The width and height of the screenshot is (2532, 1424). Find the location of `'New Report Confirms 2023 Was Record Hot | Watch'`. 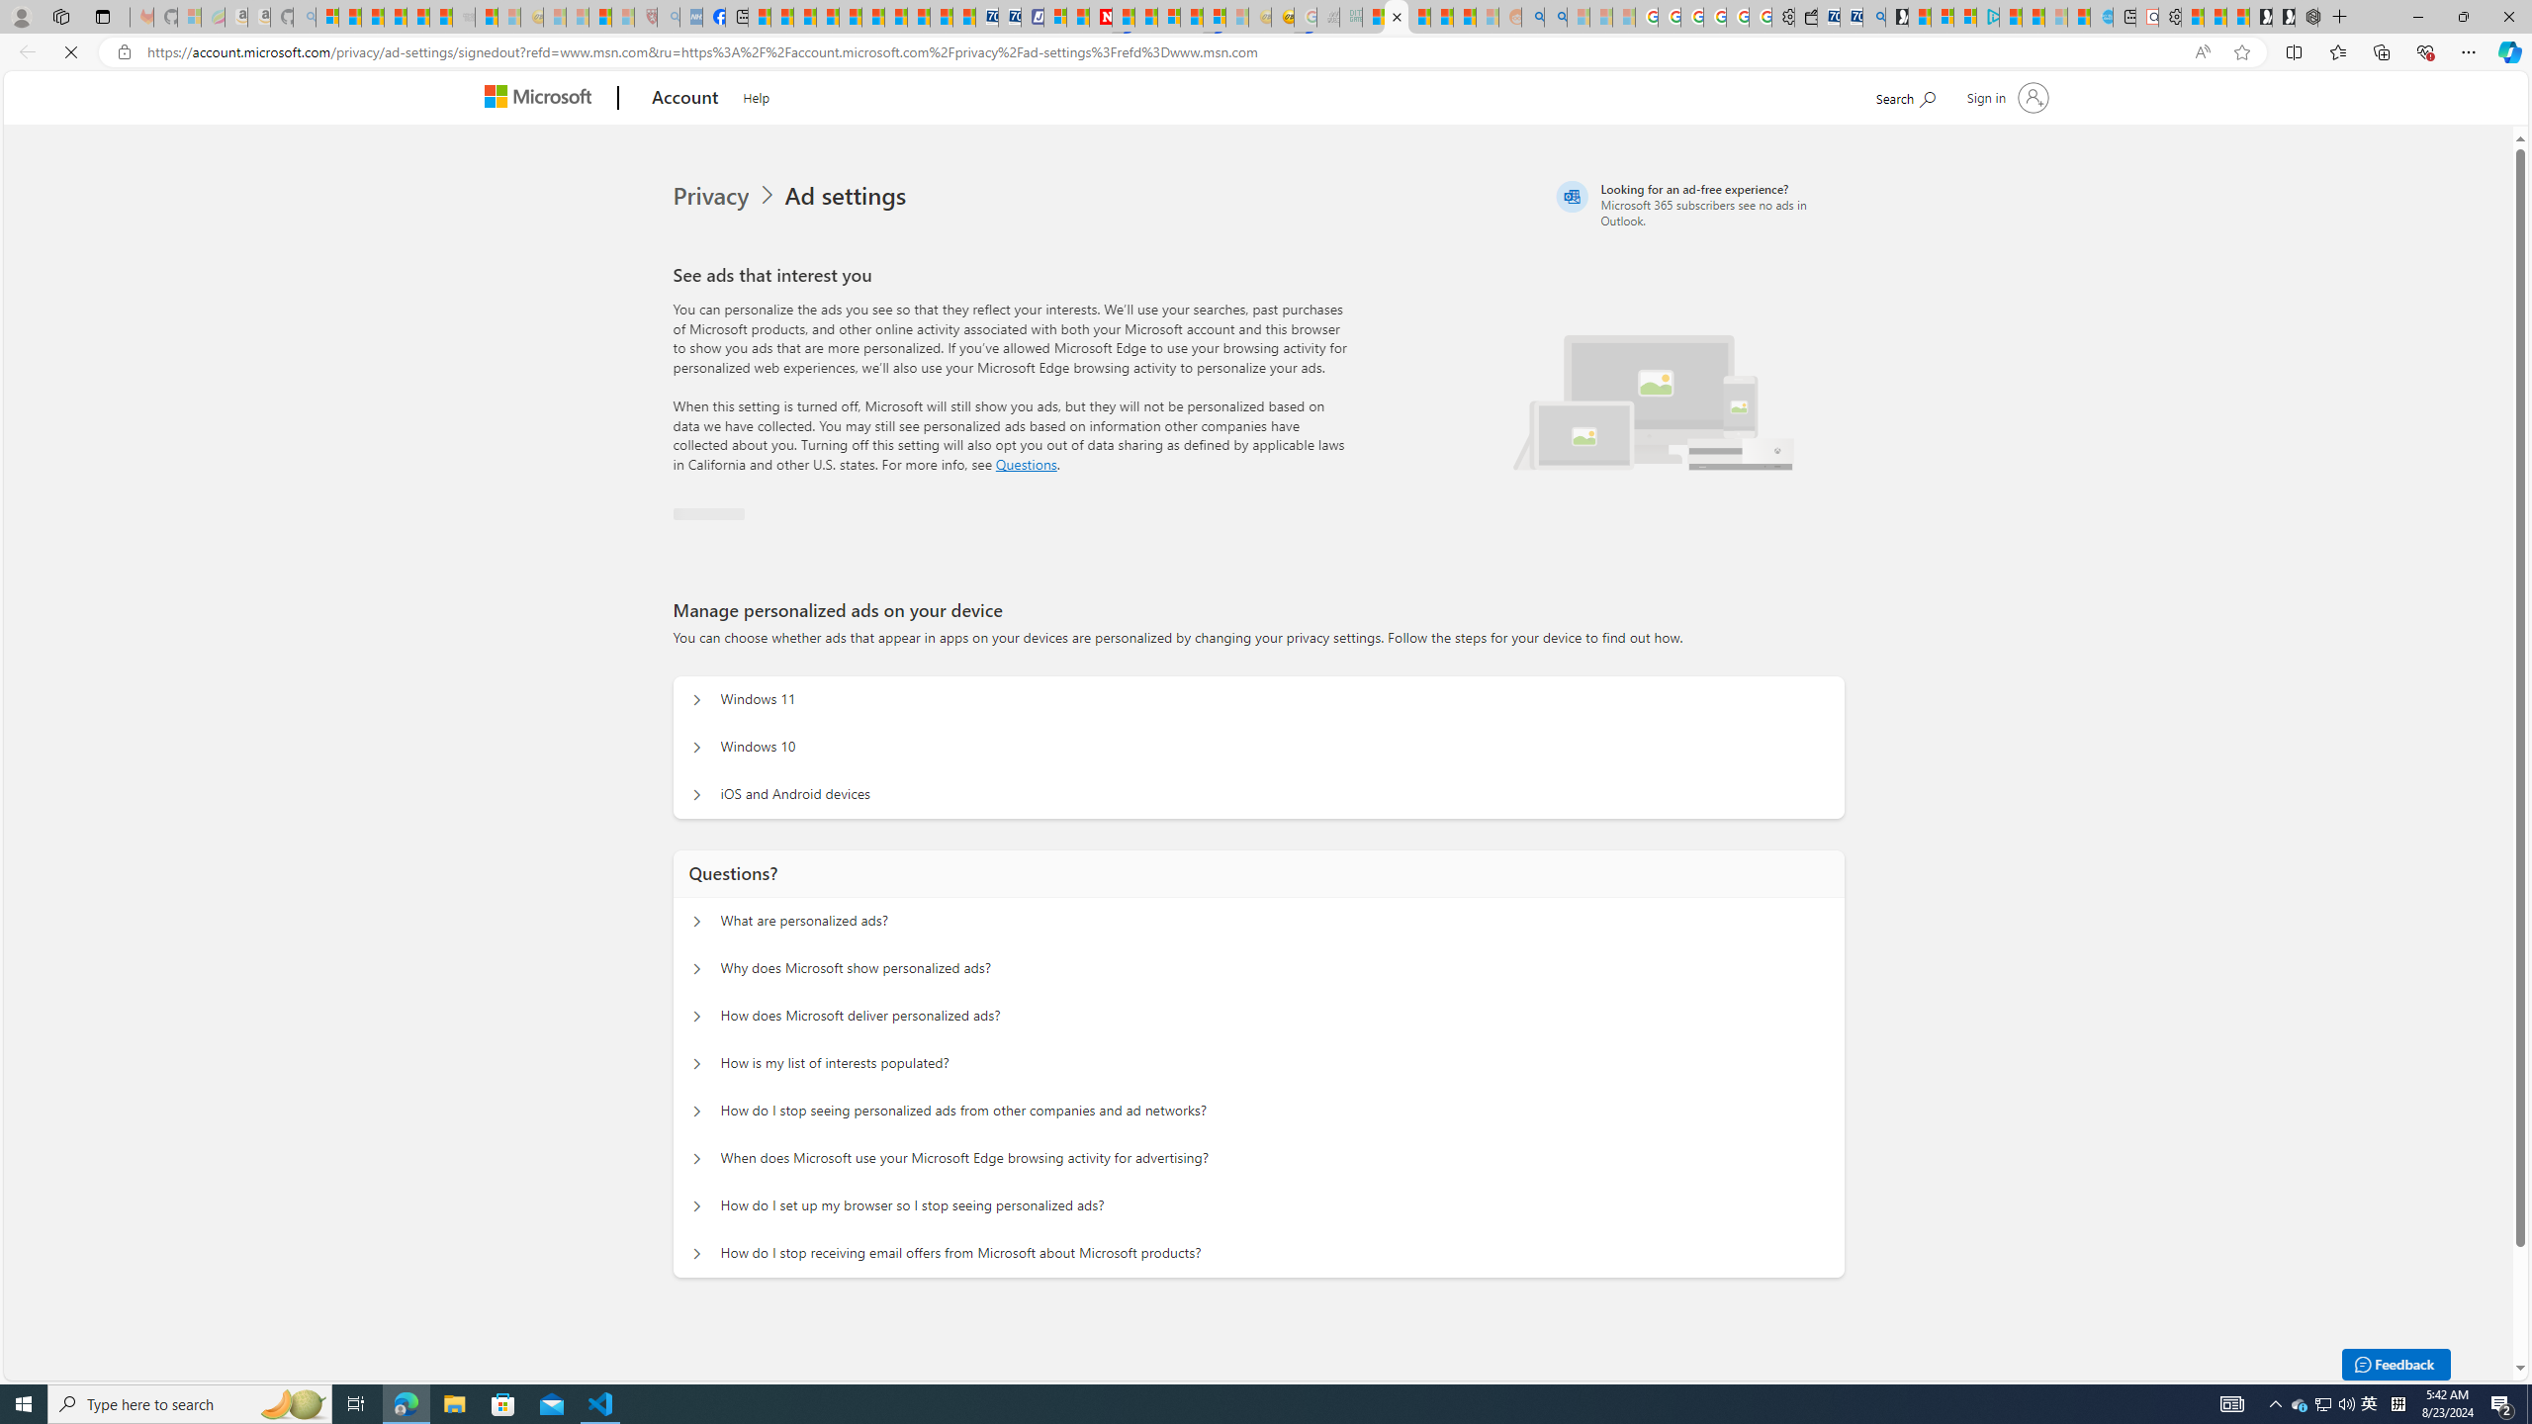

'New Report Confirms 2023 Was Record Hot | Watch' is located at coordinates (416, 16).